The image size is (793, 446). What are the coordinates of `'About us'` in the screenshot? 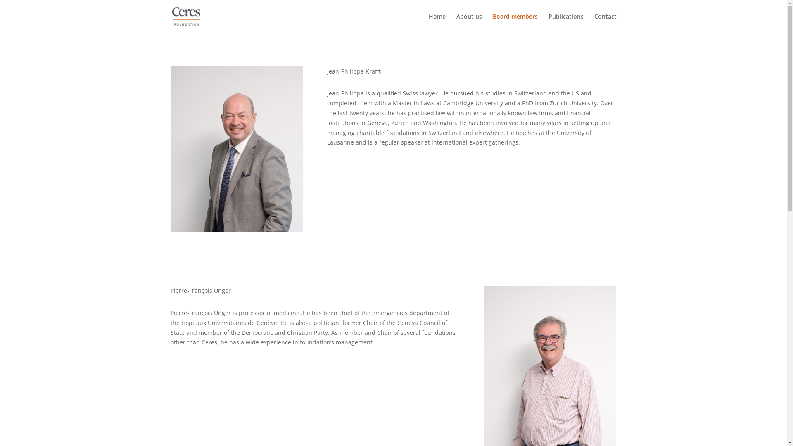 It's located at (468, 23).